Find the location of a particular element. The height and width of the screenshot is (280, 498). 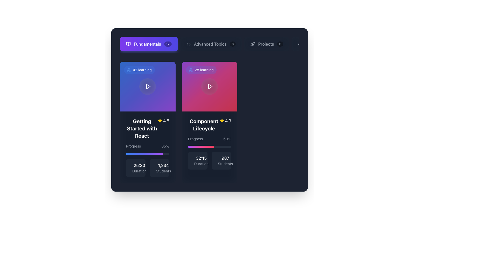

the 'Advanced Topics' segment of the horizontal navigation bar by tabbing to it is located at coordinates (209, 45).